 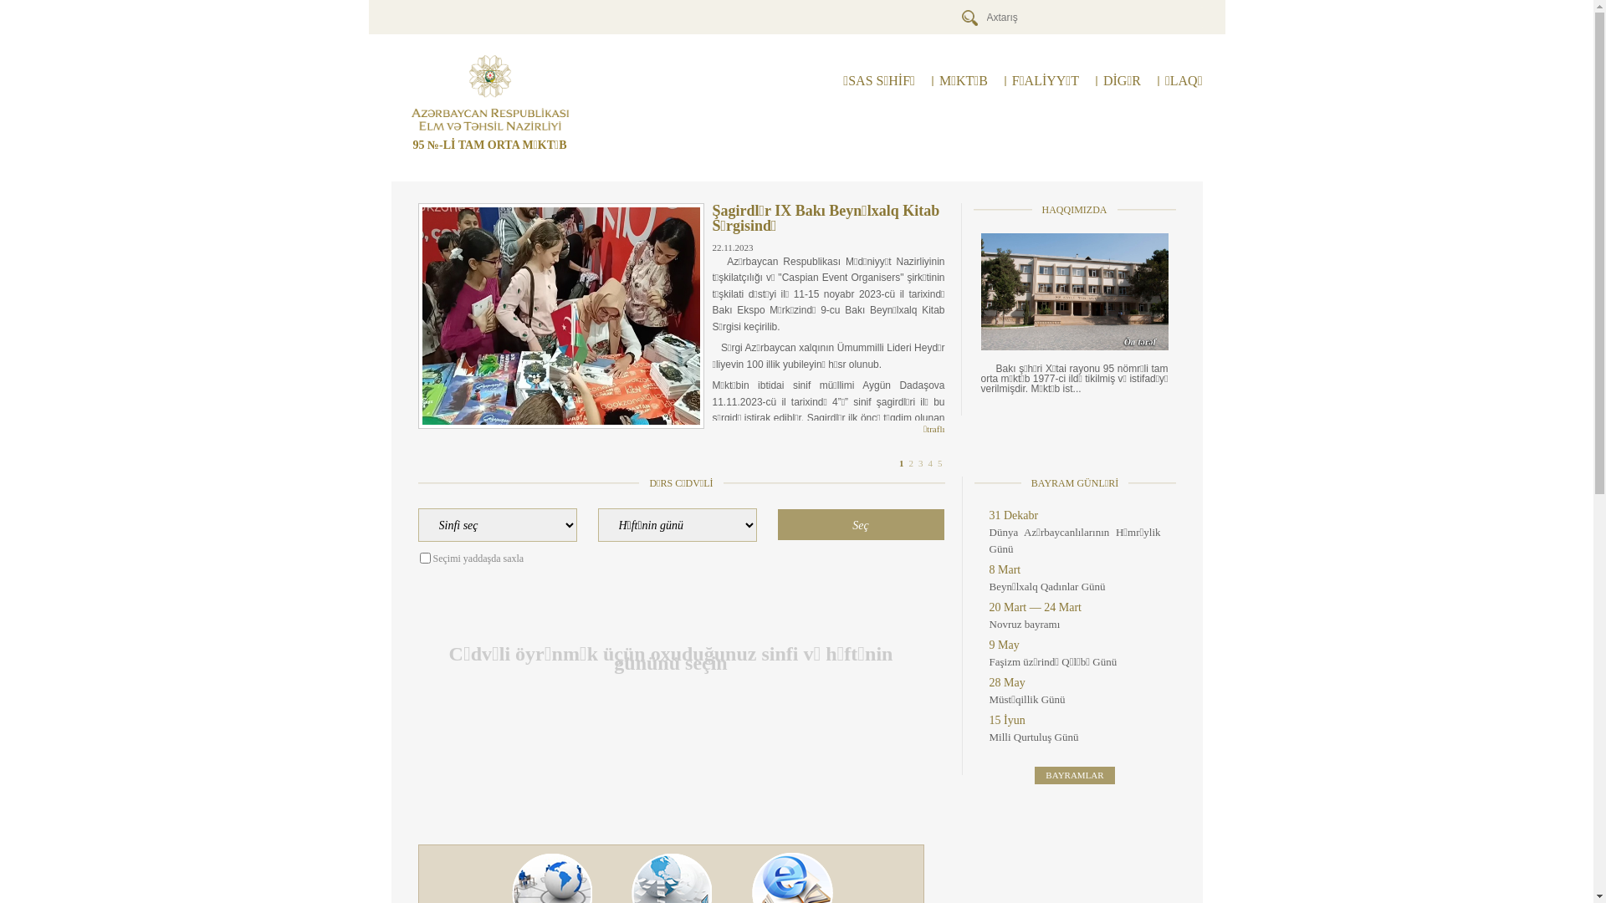 What do you see at coordinates (927, 463) in the screenshot?
I see `'4'` at bounding box center [927, 463].